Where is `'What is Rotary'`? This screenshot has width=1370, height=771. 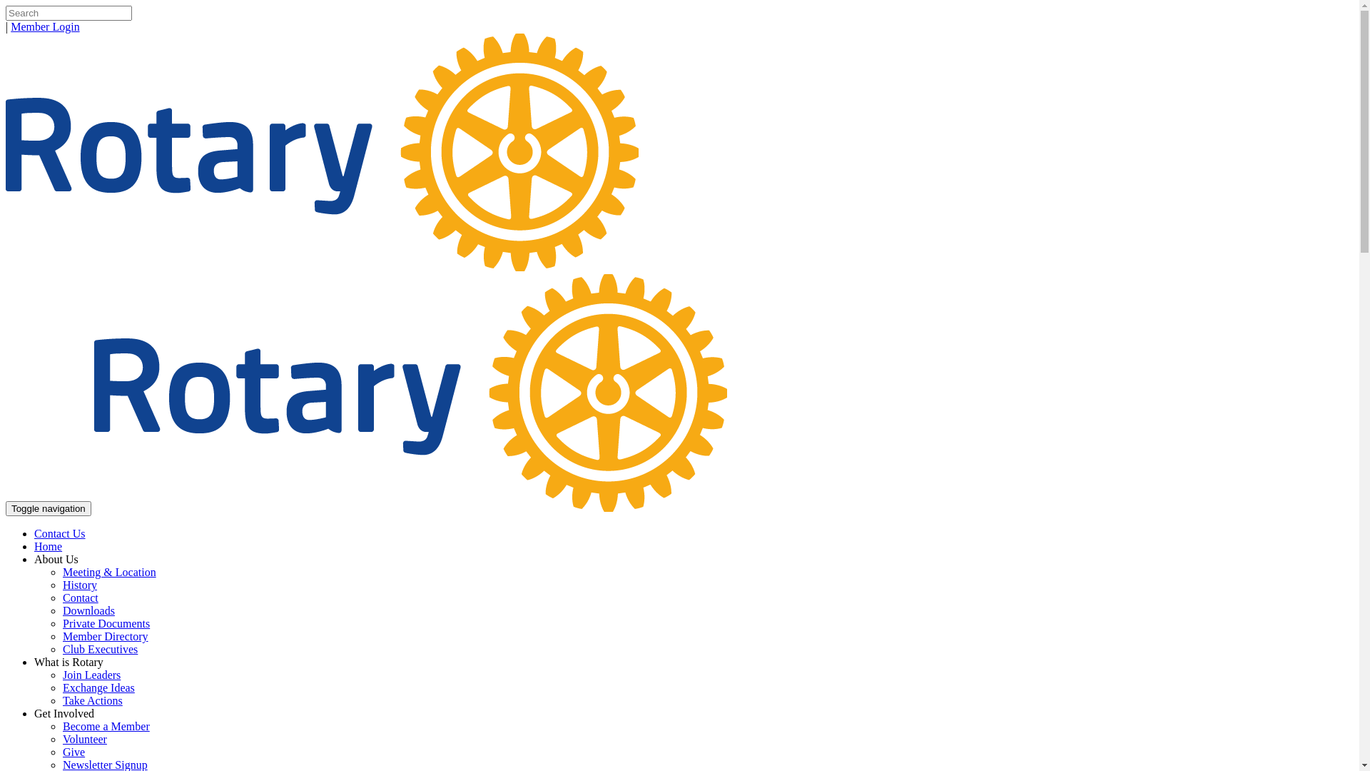
'What is Rotary' is located at coordinates (34, 662).